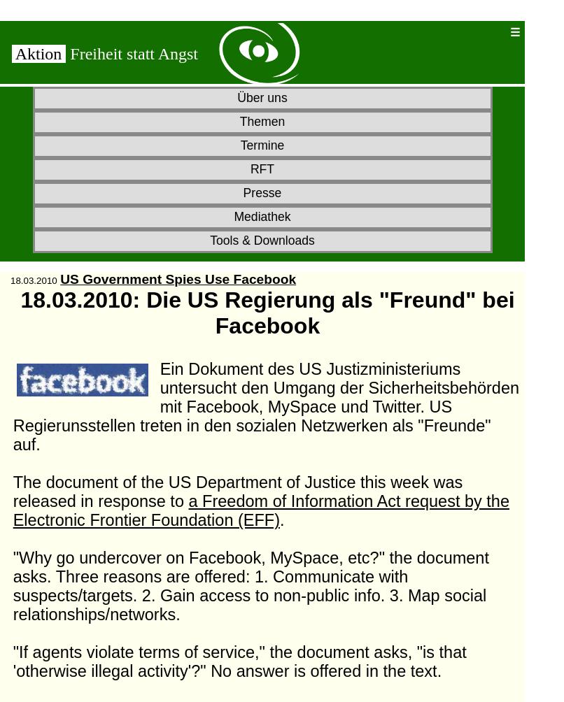  What do you see at coordinates (69, 53) in the screenshot?
I see `'Freiheit statt Angst'` at bounding box center [69, 53].